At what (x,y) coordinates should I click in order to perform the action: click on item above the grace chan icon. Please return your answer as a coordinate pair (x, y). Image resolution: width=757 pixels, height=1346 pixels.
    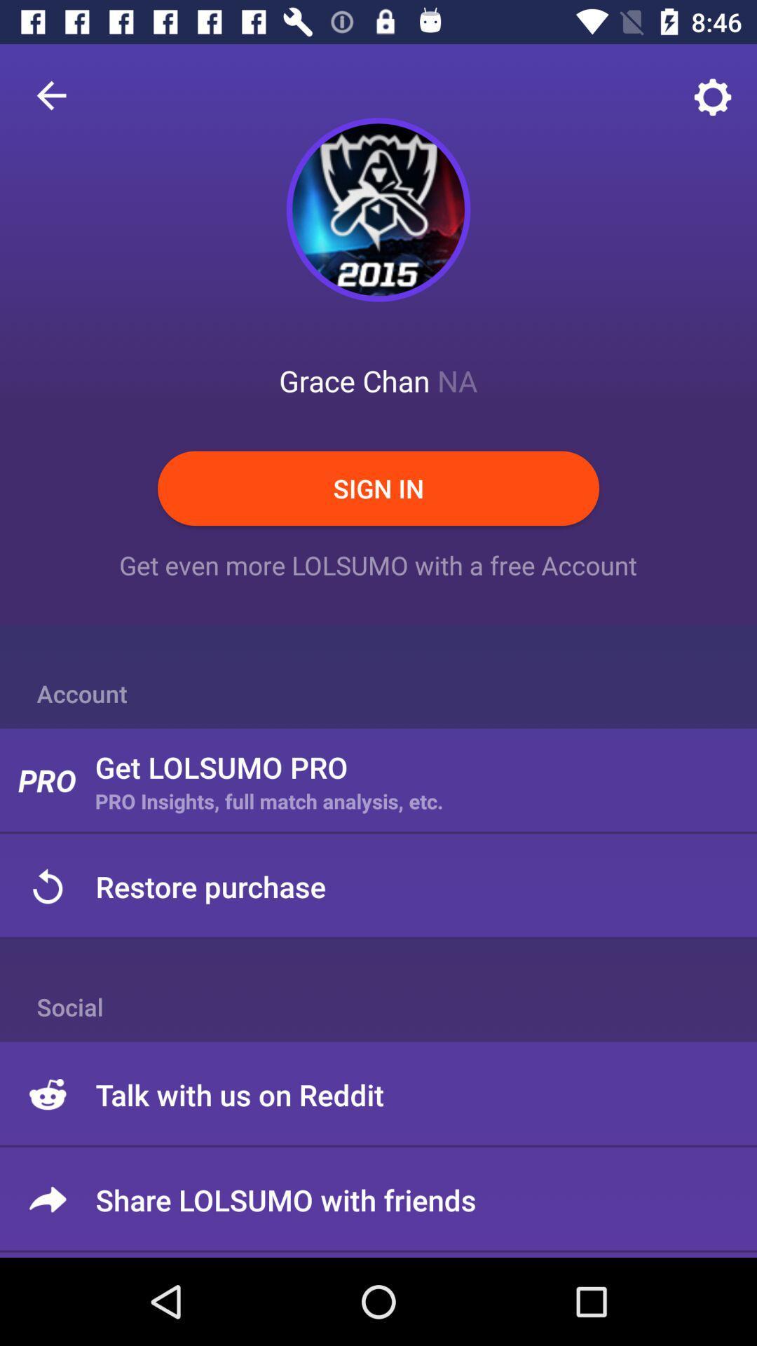
    Looking at the image, I should click on (378, 209).